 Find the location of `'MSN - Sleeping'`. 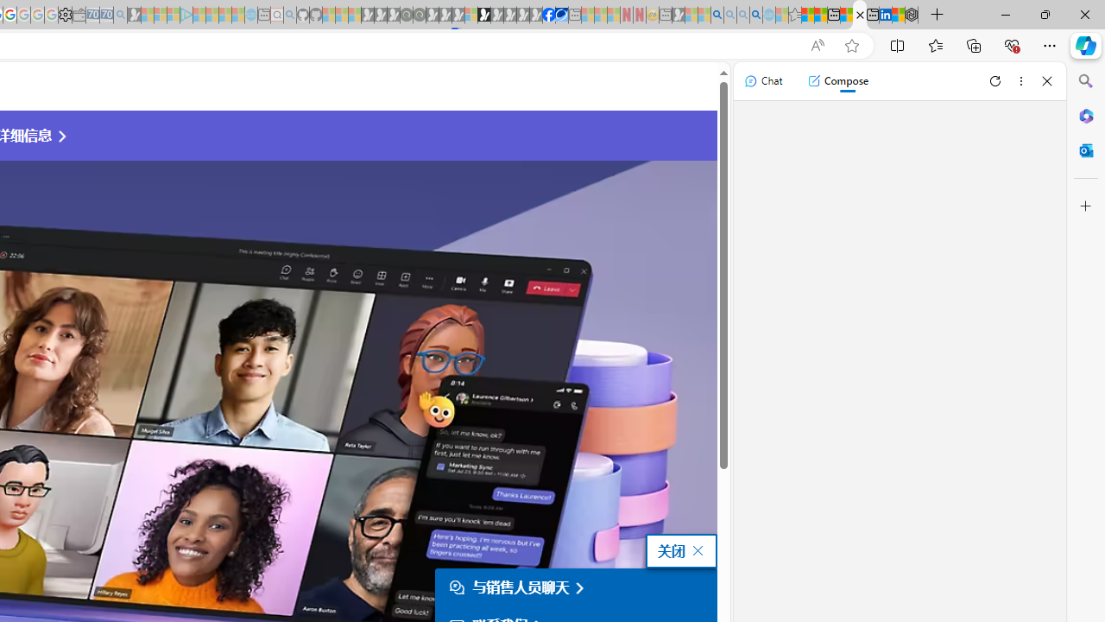

'MSN - Sleeping' is located at coordinates (678, 15).